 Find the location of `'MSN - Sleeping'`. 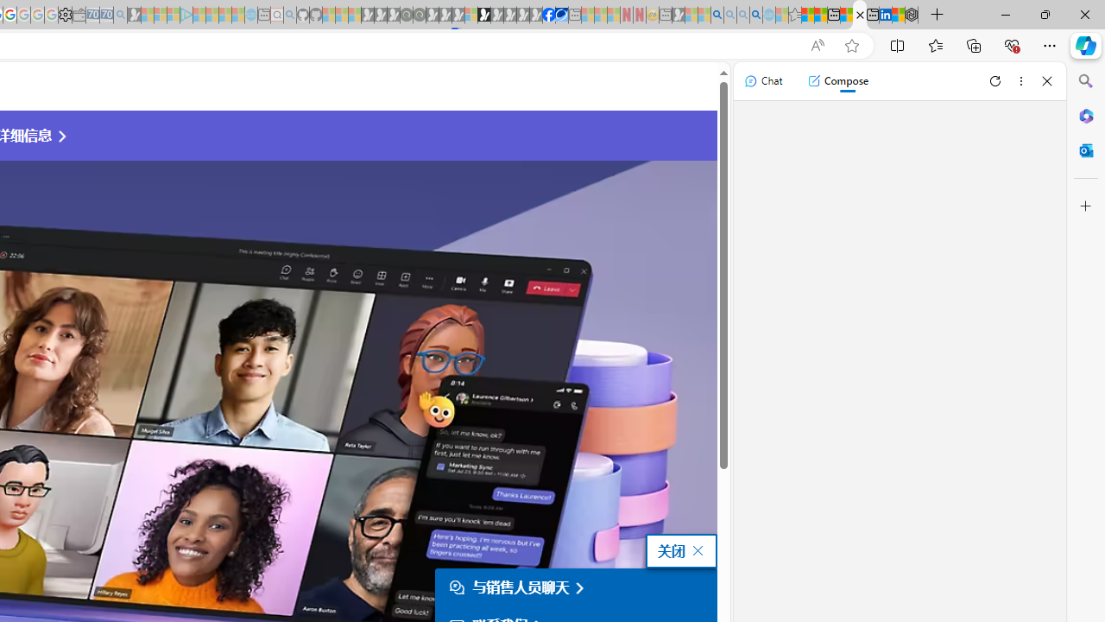

'MSN - Sleeping' is located at coordinates (678, 15).